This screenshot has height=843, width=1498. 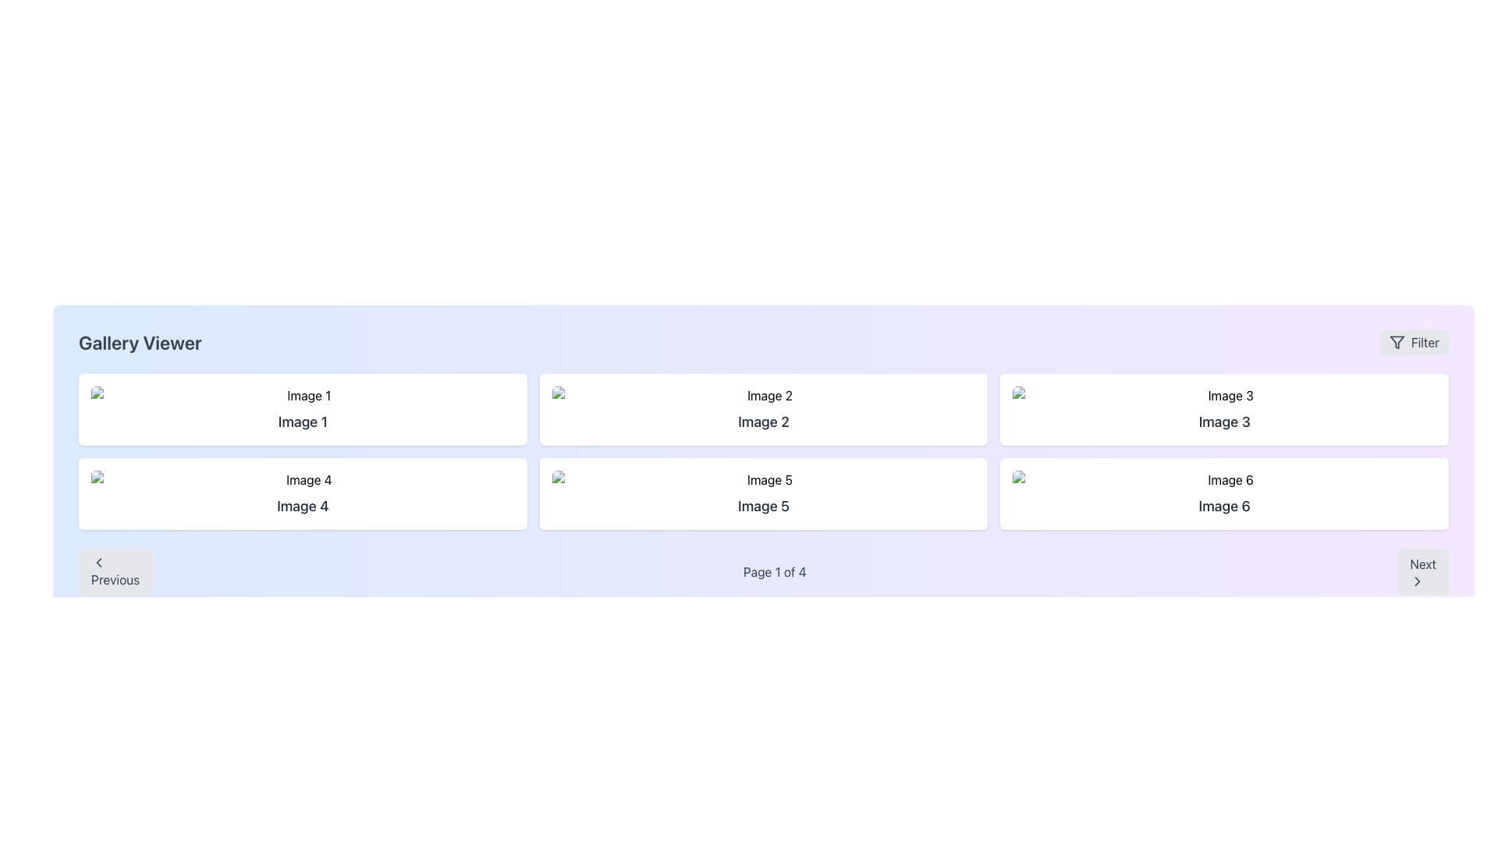 I want to click on the text label displaying 'Image 2', so click(x=764, y=421).